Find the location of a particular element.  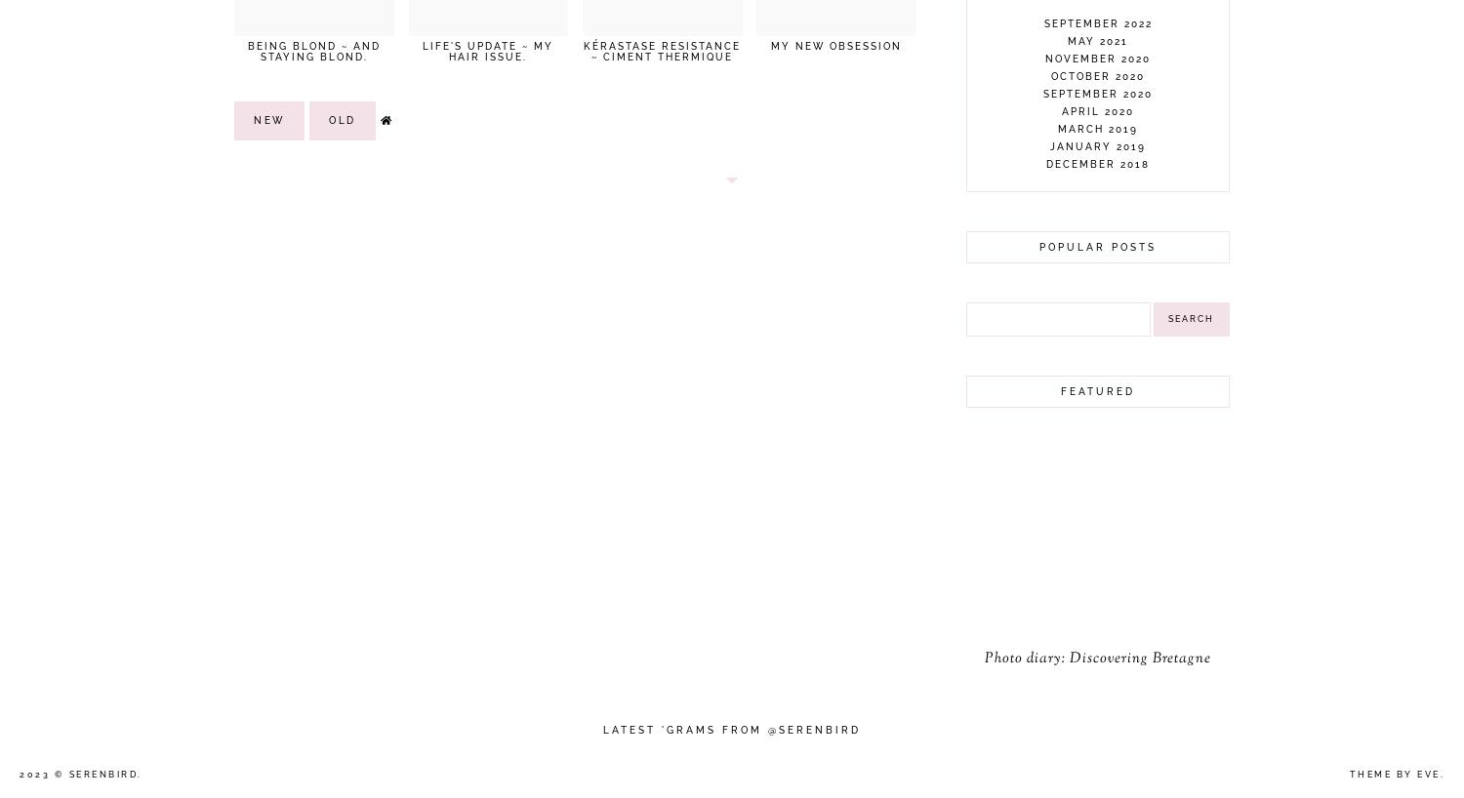

'April 2017' is located at coordinates (1096, 443).